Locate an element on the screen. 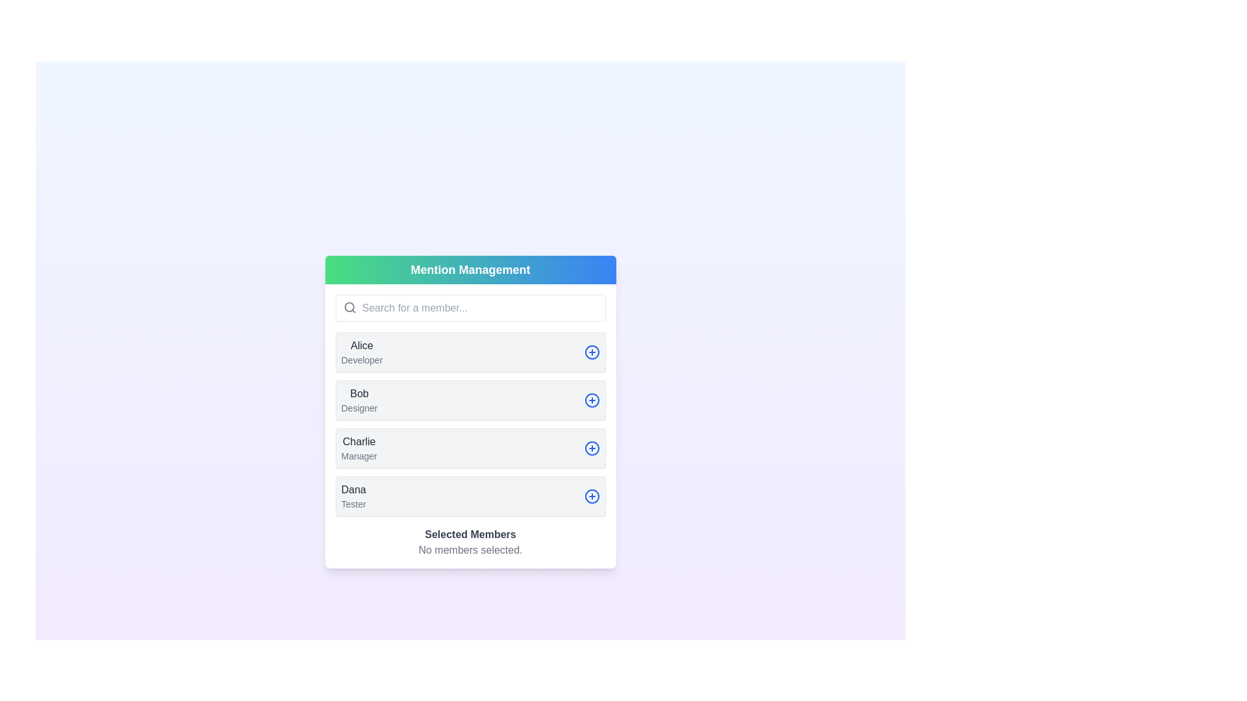  the circular button with a blue outline and white fill, featuring a '+' symbol at its center, located at the top-right corner of the 'Alice' list item in the 'Mention Management' interface is located at coordinates (591, 352).